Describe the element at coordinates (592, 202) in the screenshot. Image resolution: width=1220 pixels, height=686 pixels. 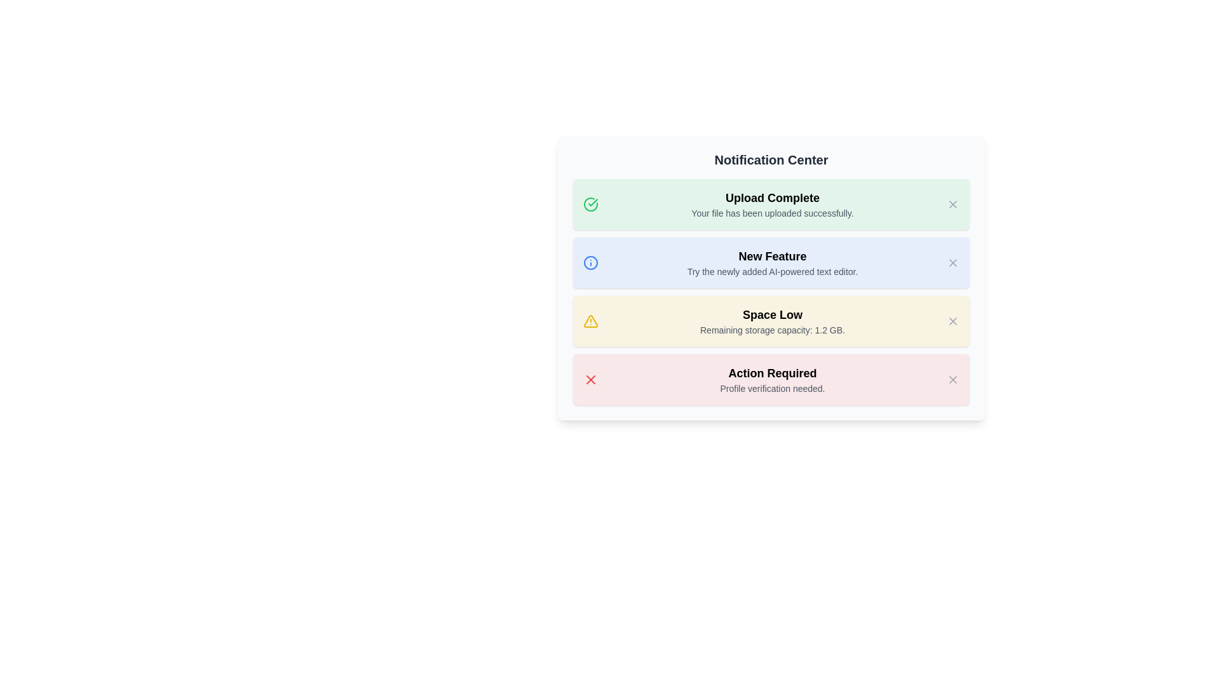
I see `the small green check mark SVG illustration indicating completion next to the 'Upload Complete' message in the Notification Center` at that location.